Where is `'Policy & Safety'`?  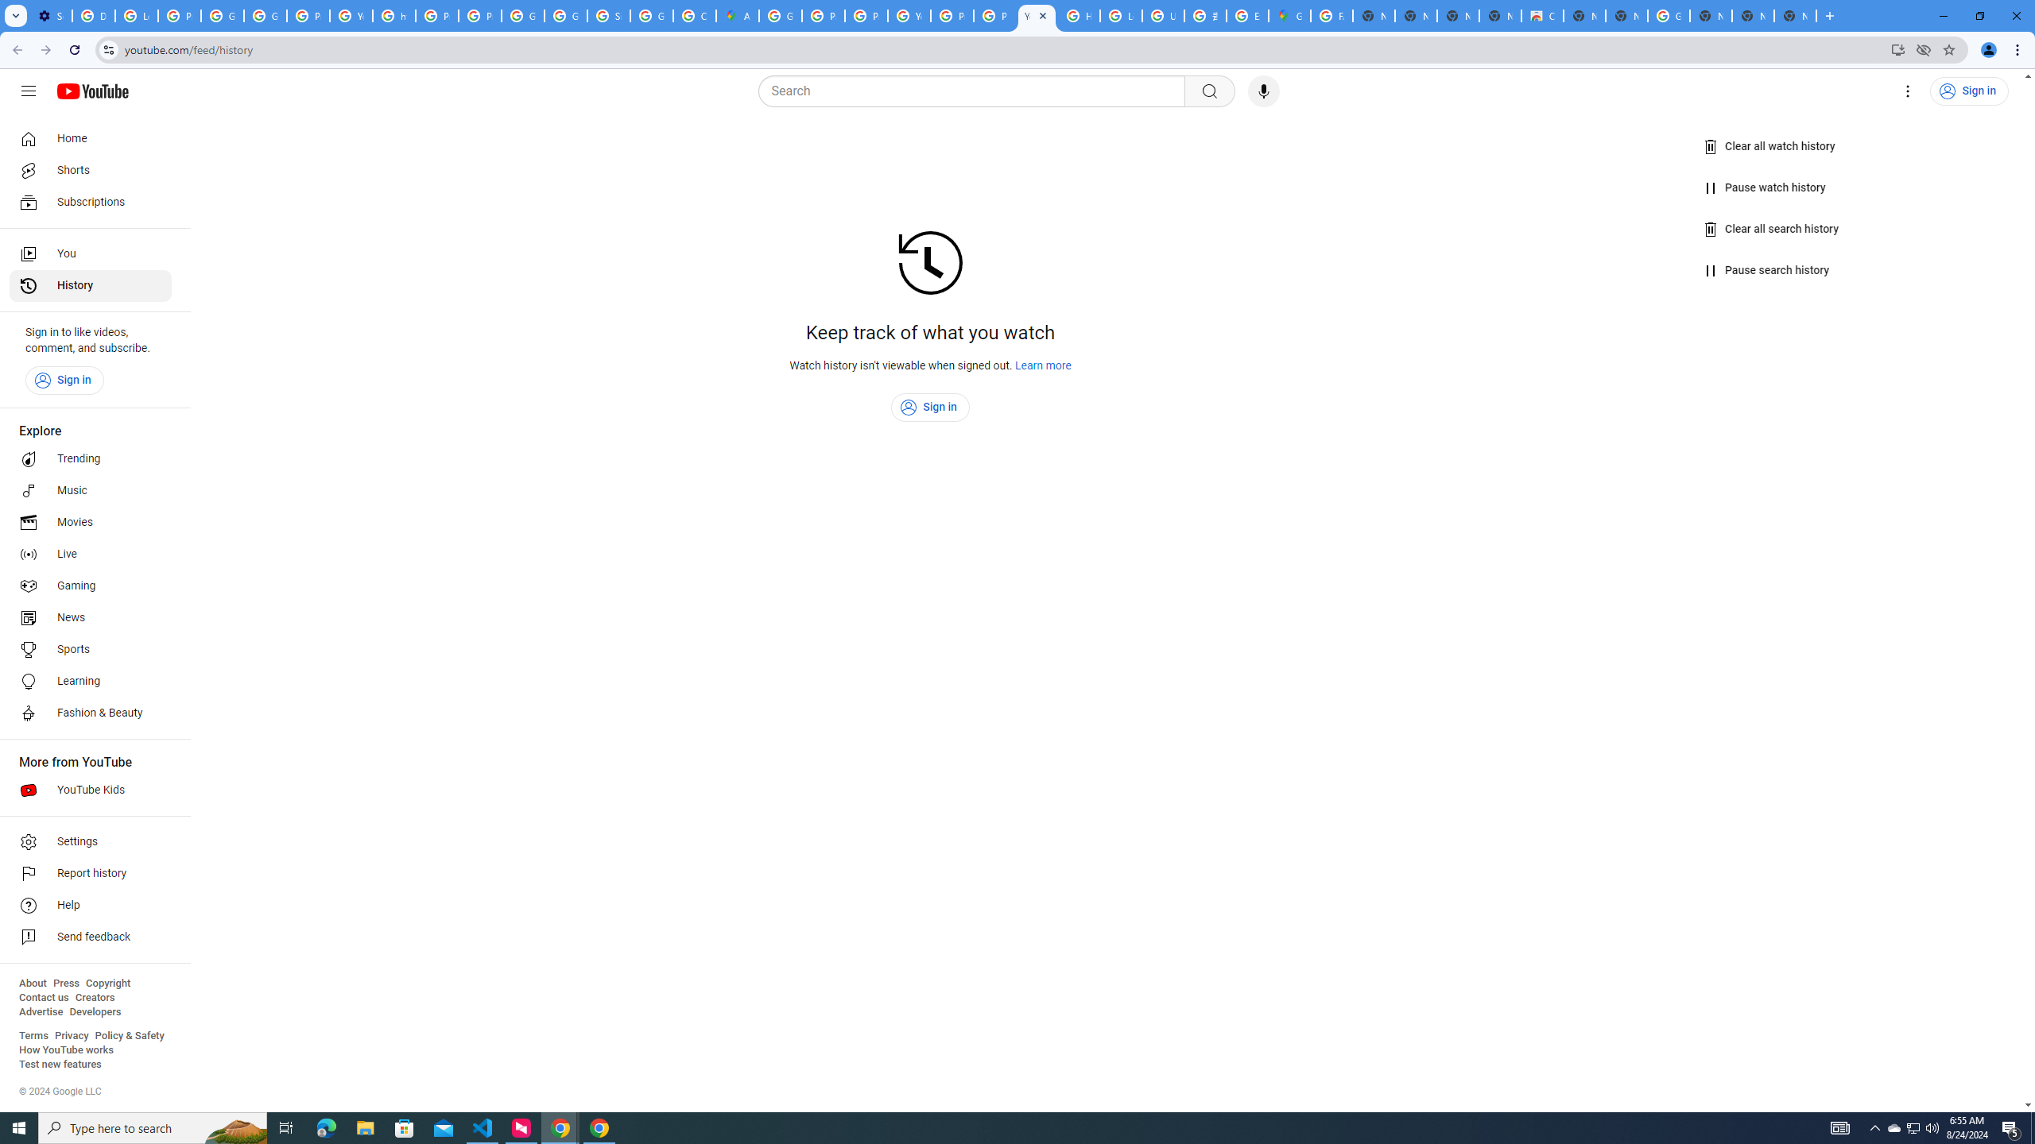
'Policy & Safety' is located at coordinates (129, 1034).